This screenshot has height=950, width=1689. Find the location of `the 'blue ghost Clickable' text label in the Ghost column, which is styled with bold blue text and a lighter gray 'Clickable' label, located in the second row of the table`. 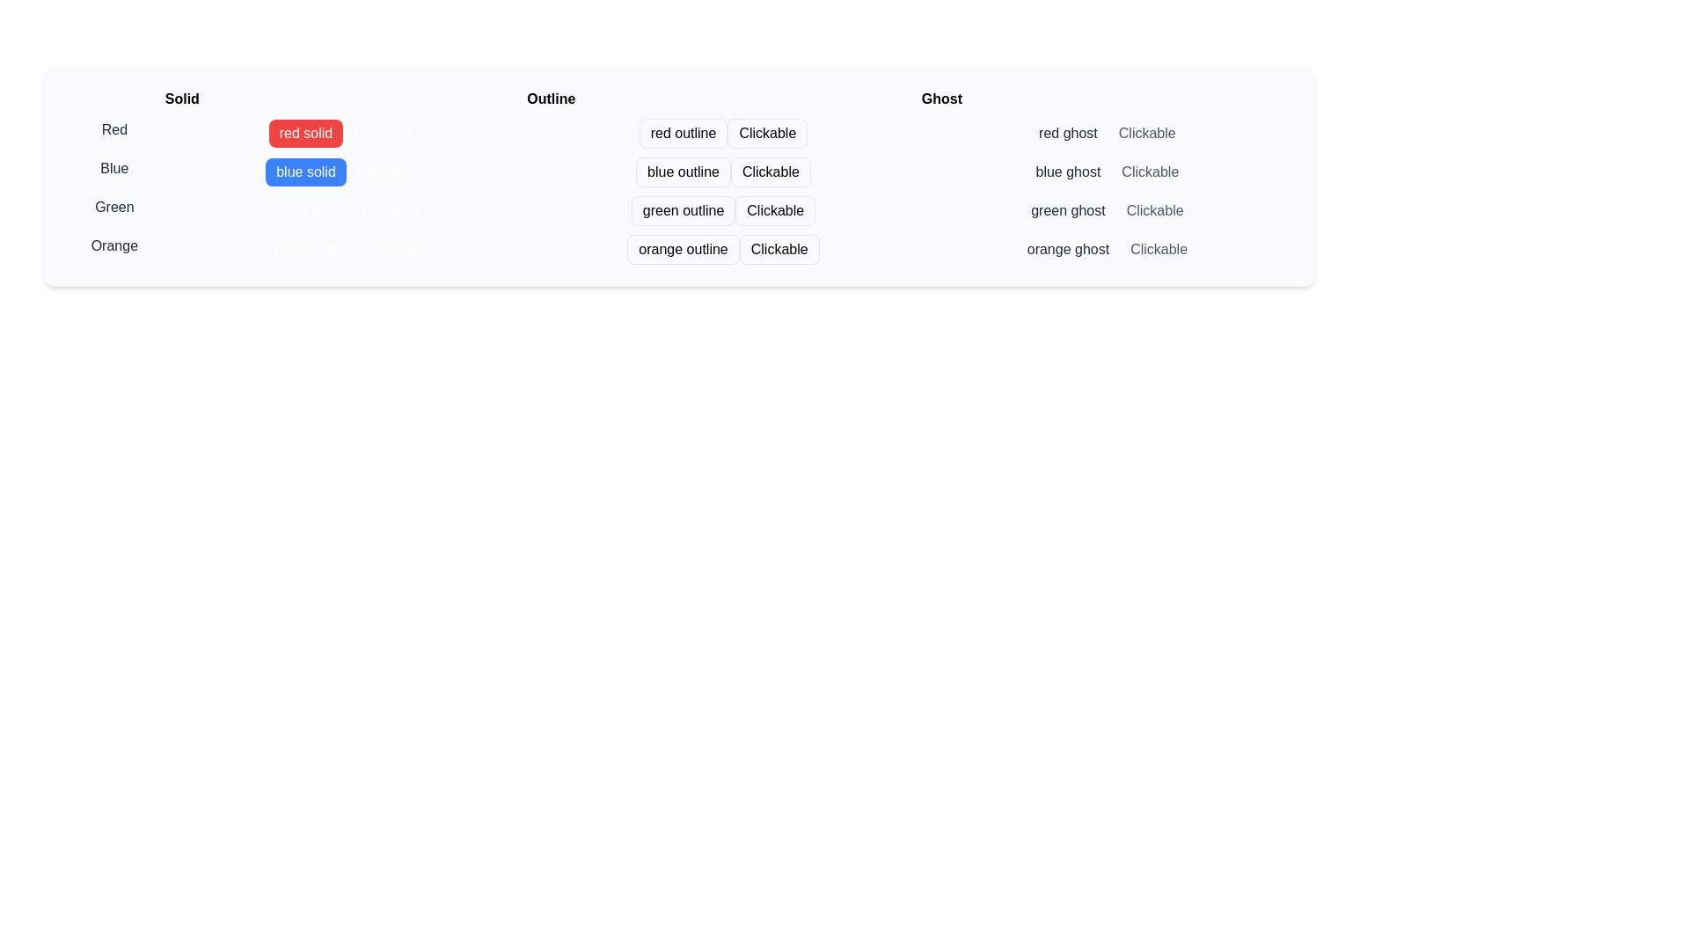

the 'blue ghost Clickable' text label in the Ghost column, which is styled with bold blue text and a lighter gray 'Clickable' label, located in the second row of the table is located at coordinates (1106, 169).